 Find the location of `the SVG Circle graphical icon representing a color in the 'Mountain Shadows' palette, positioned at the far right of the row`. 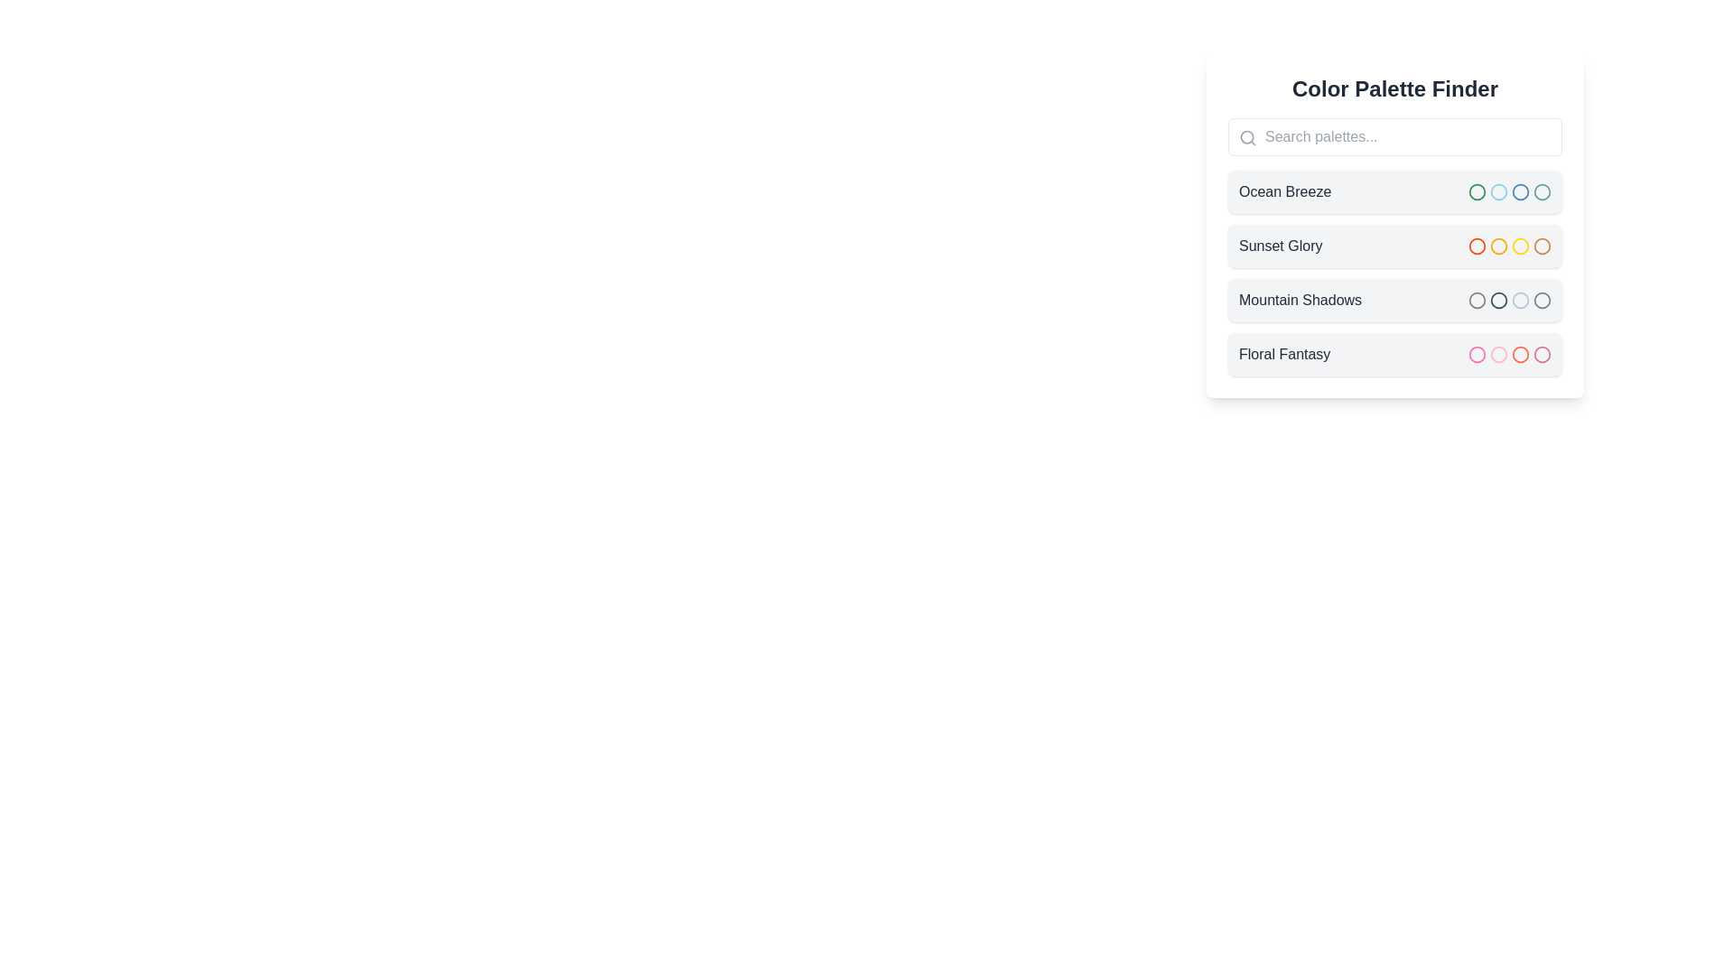

the SVG Circle graphical icon representing a color in the 'Mountain Shadows' palette, positioned at the far right of the row is located at coordinates (1542, 299).